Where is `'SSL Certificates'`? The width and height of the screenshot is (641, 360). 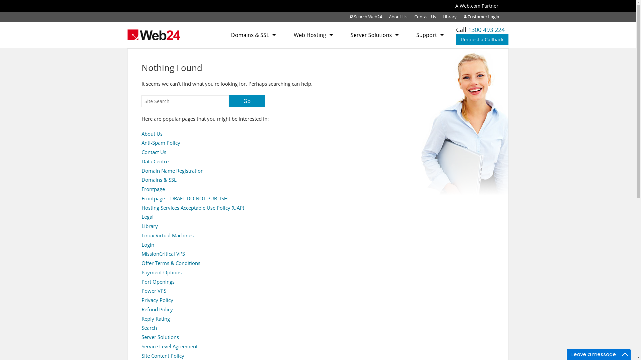
'SSL Certificates' is located at coordinates (222, 55).